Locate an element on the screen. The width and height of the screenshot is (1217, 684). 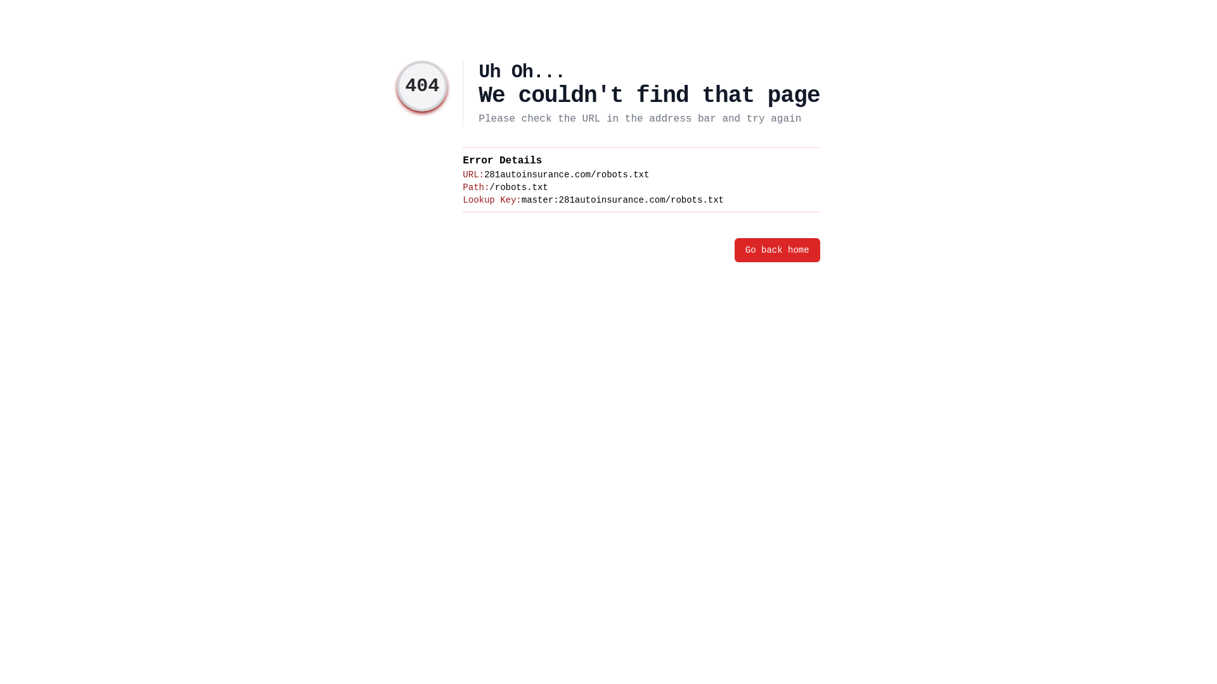
'Go back home' is located at coordinates (776, 250).